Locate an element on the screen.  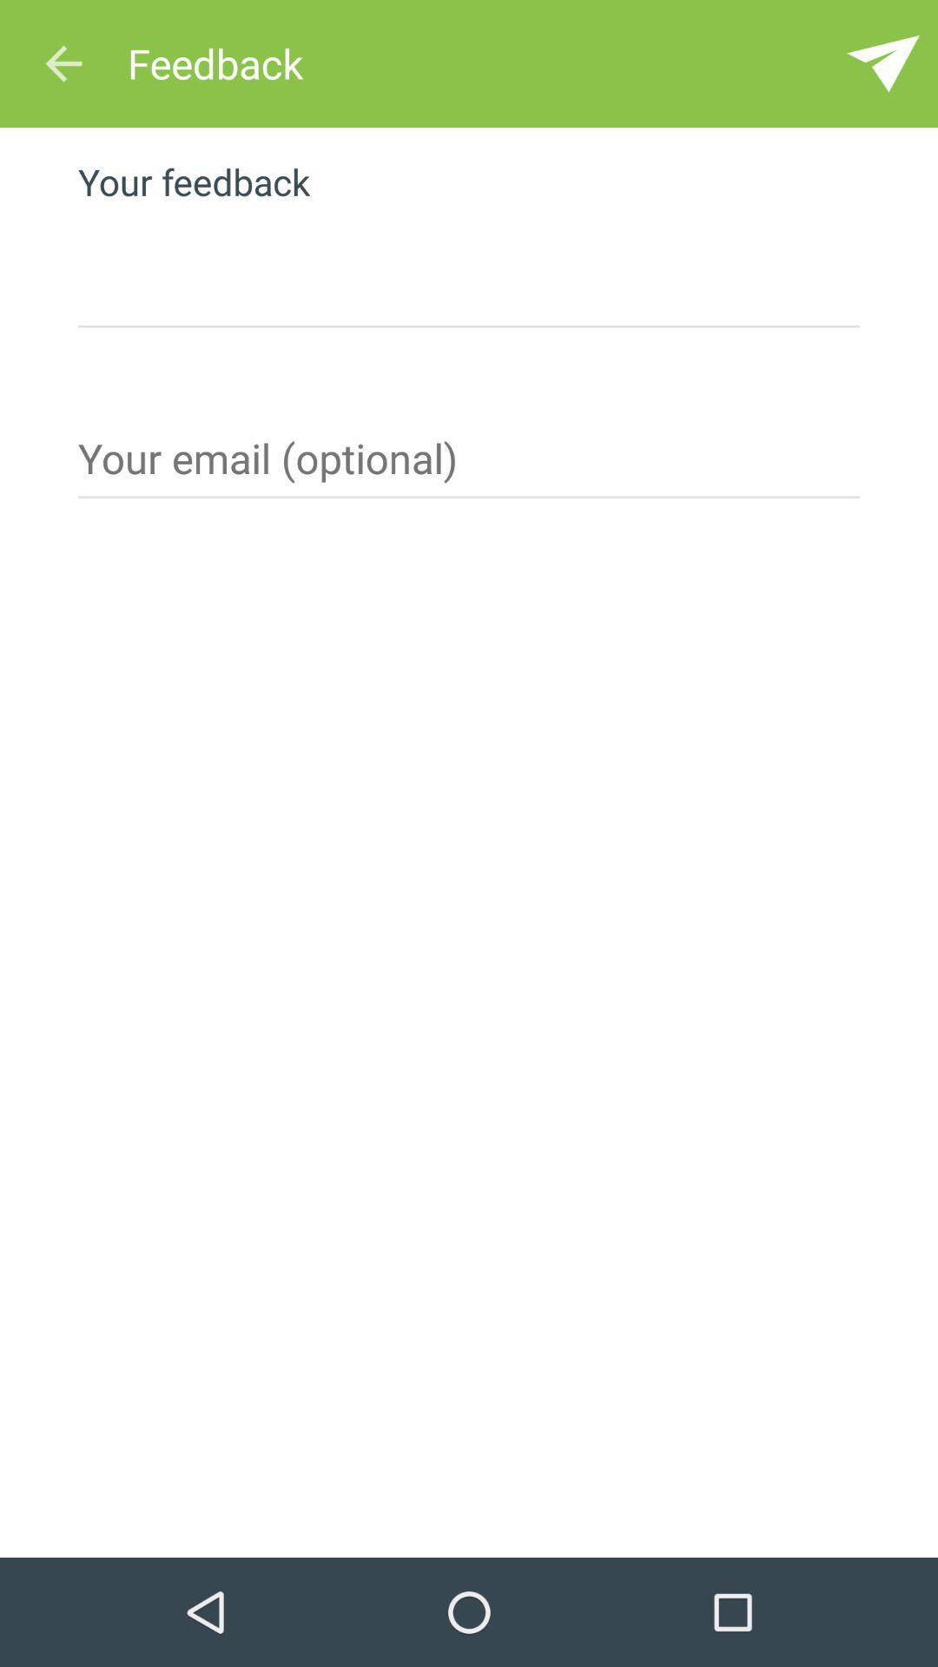
optional email here is located at coordinates (469, 465).